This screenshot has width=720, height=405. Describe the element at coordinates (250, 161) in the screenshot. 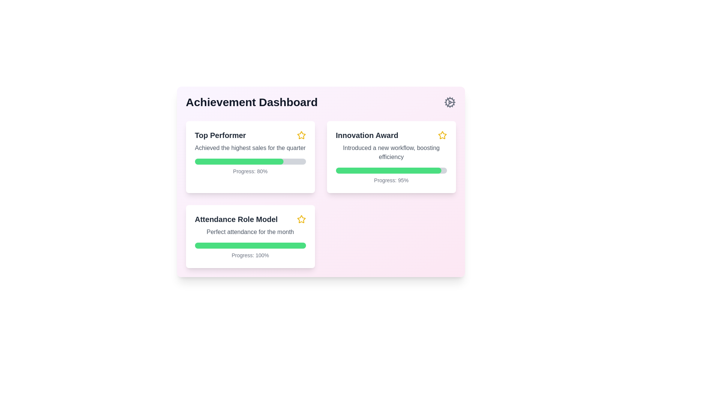

I see `the horizontal progress bar located under the 'Top Performer' section, which has a gray background and a green foreground filled to 80% progress` at that location.